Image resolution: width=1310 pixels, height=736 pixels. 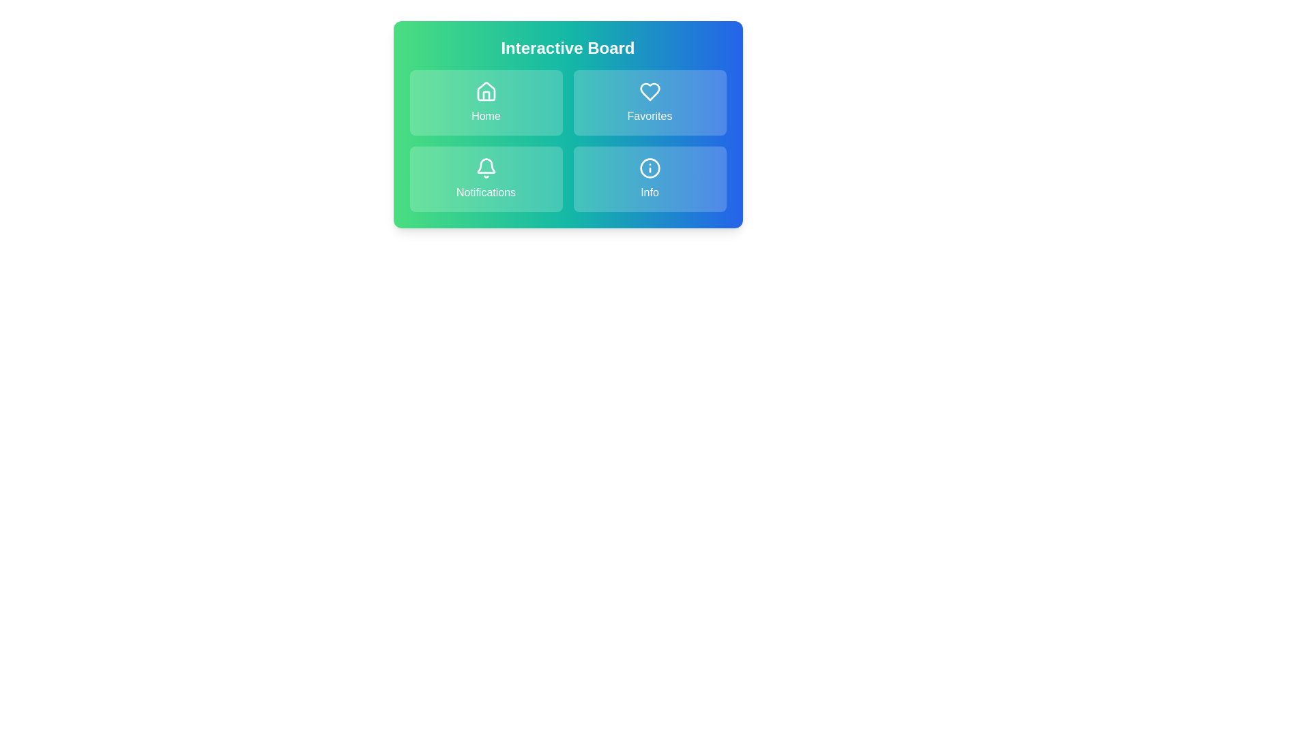 I want to click on the bell-shaped icon with a white design on a light green rectangular button located in the bottom-left corner of the 2x2 grid under 'Interactive Board.', so click(x=486, y=167).